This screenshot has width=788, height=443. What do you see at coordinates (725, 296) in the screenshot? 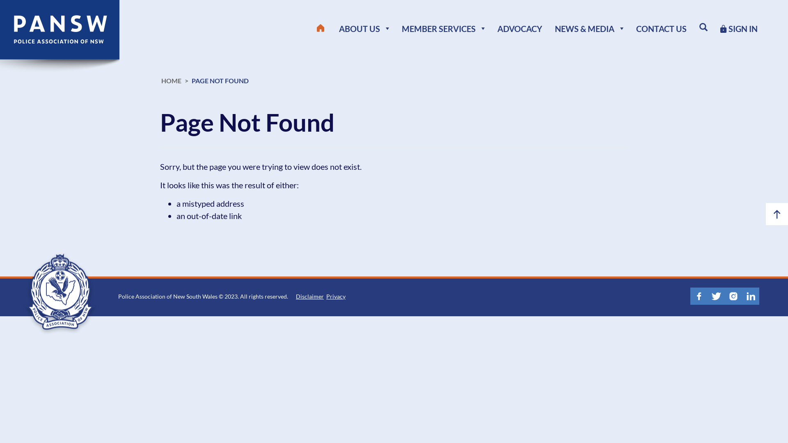
I see `'Instagram'` at bounding box center [725, 296].